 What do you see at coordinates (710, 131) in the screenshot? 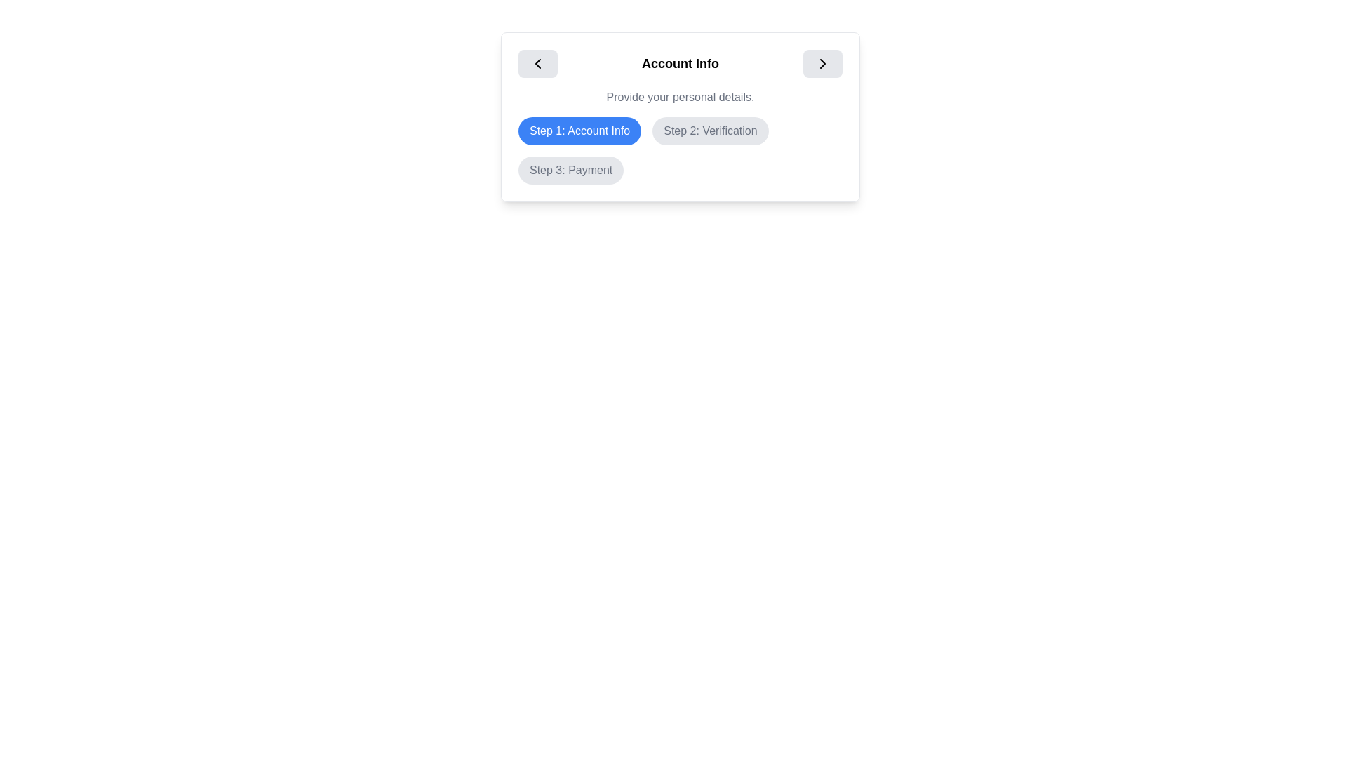
I see `the step indicator button that visually indicates the second step in the multi-step process` at bounding box center [710, 131].